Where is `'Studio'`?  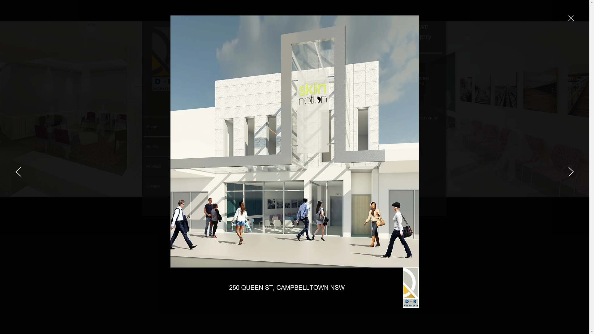
'Studio' is located at coordinates (165, 146).